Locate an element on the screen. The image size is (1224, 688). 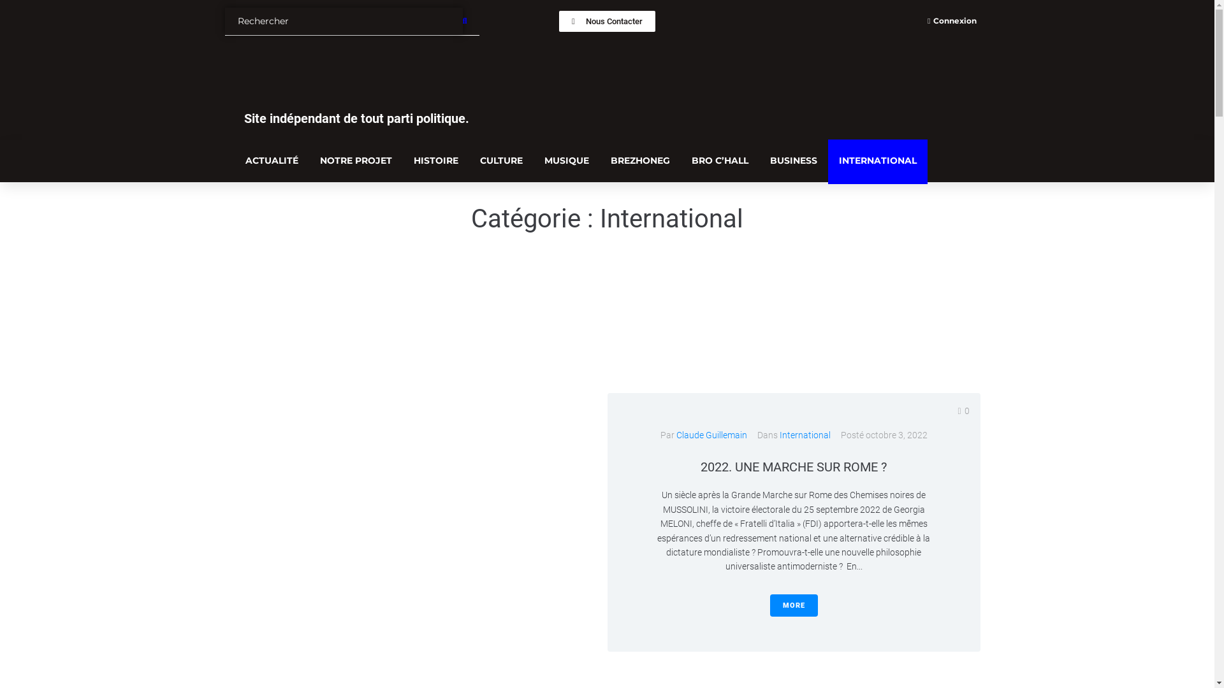
'0' is located at coordinates (963, 410).